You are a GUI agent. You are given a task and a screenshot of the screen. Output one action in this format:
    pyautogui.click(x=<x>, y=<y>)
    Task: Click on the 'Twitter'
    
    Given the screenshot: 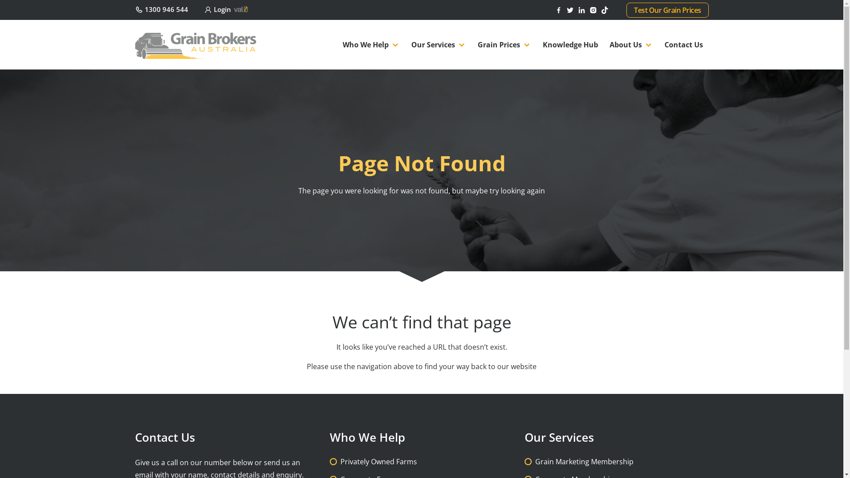 What is the action you would take?
    pyautogui.click(x=571, y=9)
    